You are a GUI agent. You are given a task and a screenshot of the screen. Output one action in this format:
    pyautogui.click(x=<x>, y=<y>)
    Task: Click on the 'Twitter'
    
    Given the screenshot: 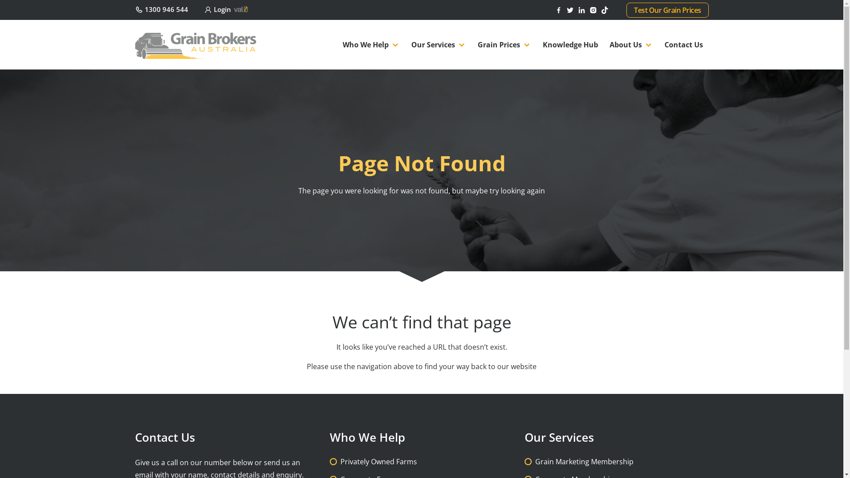 What is the action you would take?
    pyautogui.click(x=571, y=9)
    